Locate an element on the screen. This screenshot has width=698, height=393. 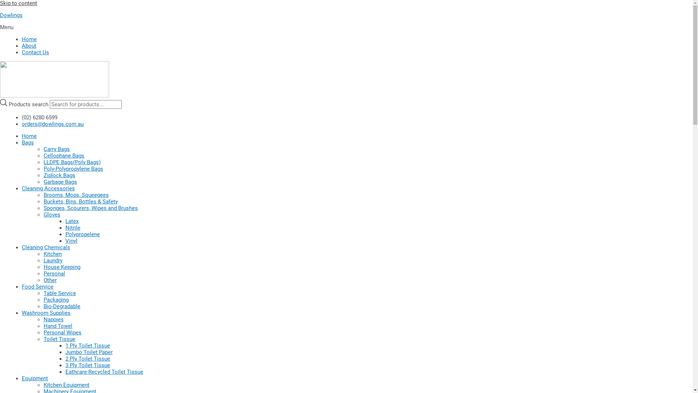
'Toilet Tissue' is located at coordinates (59, 339).